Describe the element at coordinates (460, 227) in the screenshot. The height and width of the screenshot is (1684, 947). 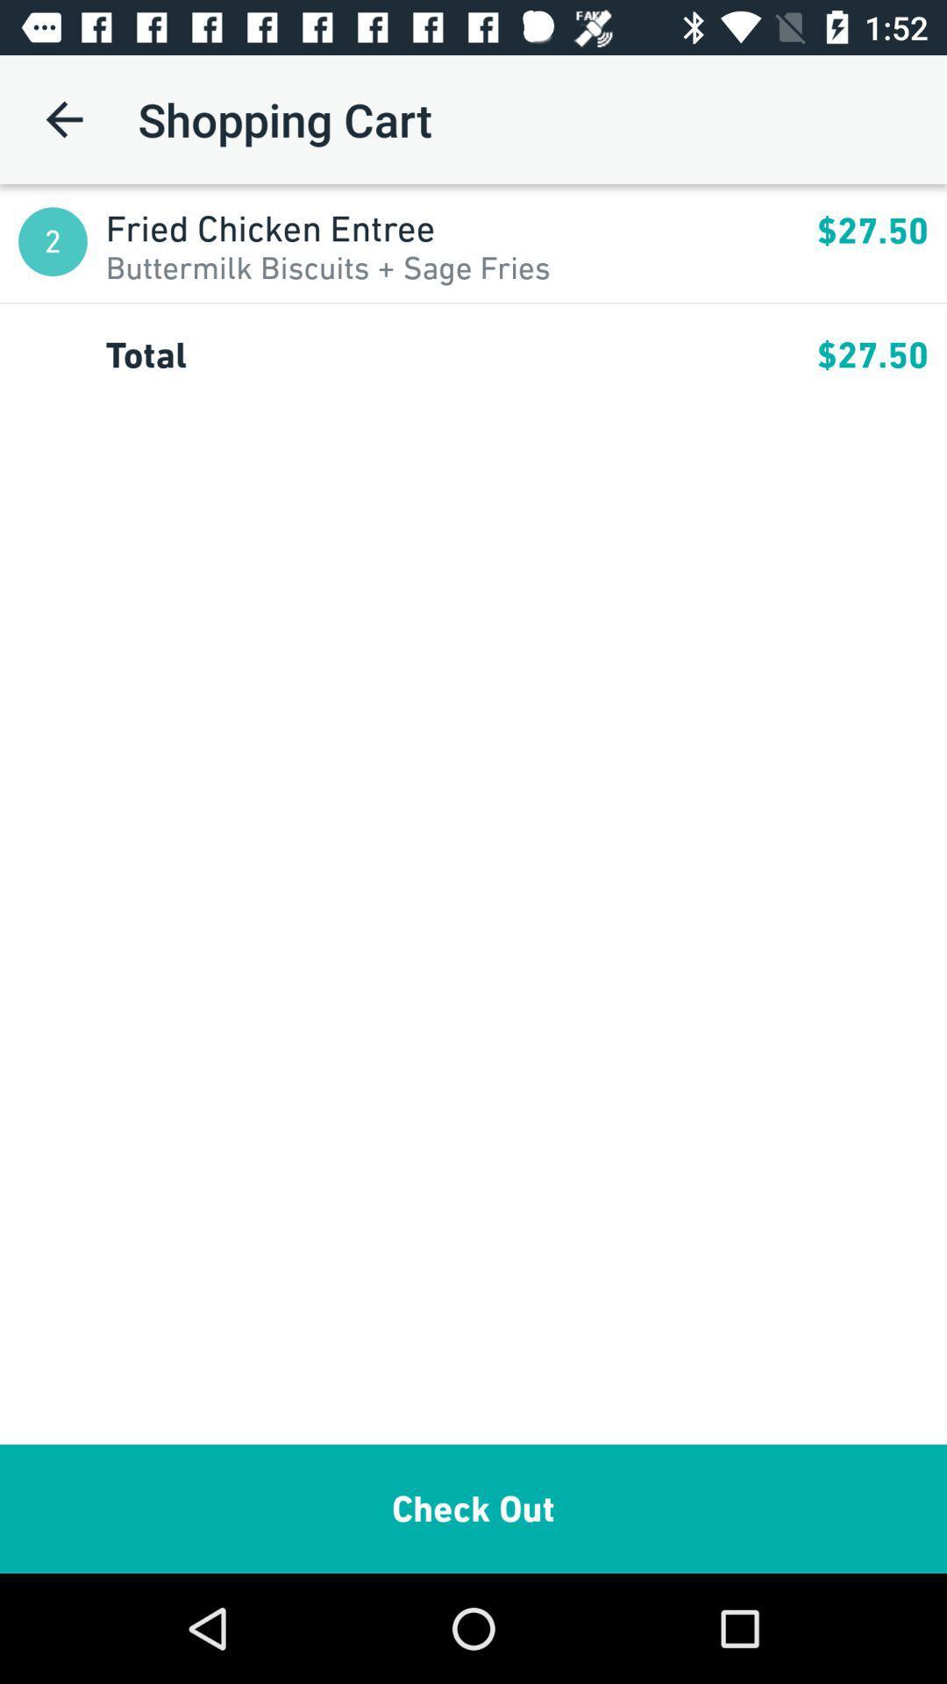
I see `icon next to the 2` at that location.